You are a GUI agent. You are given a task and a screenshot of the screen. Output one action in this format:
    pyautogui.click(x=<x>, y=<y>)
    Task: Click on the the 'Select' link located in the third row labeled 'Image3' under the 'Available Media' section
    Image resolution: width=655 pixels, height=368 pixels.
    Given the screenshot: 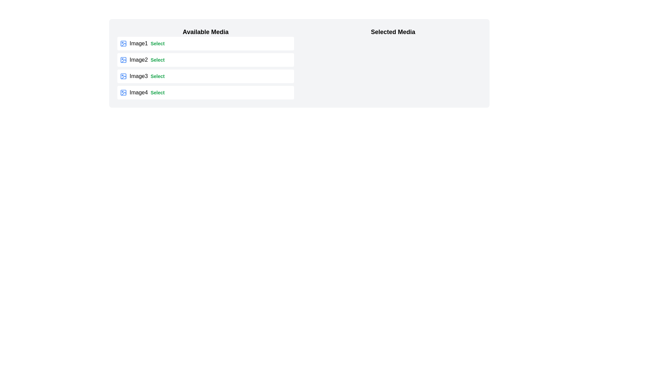 What is the action you would take?
    pyautogui.click(x=157, y=76)
    